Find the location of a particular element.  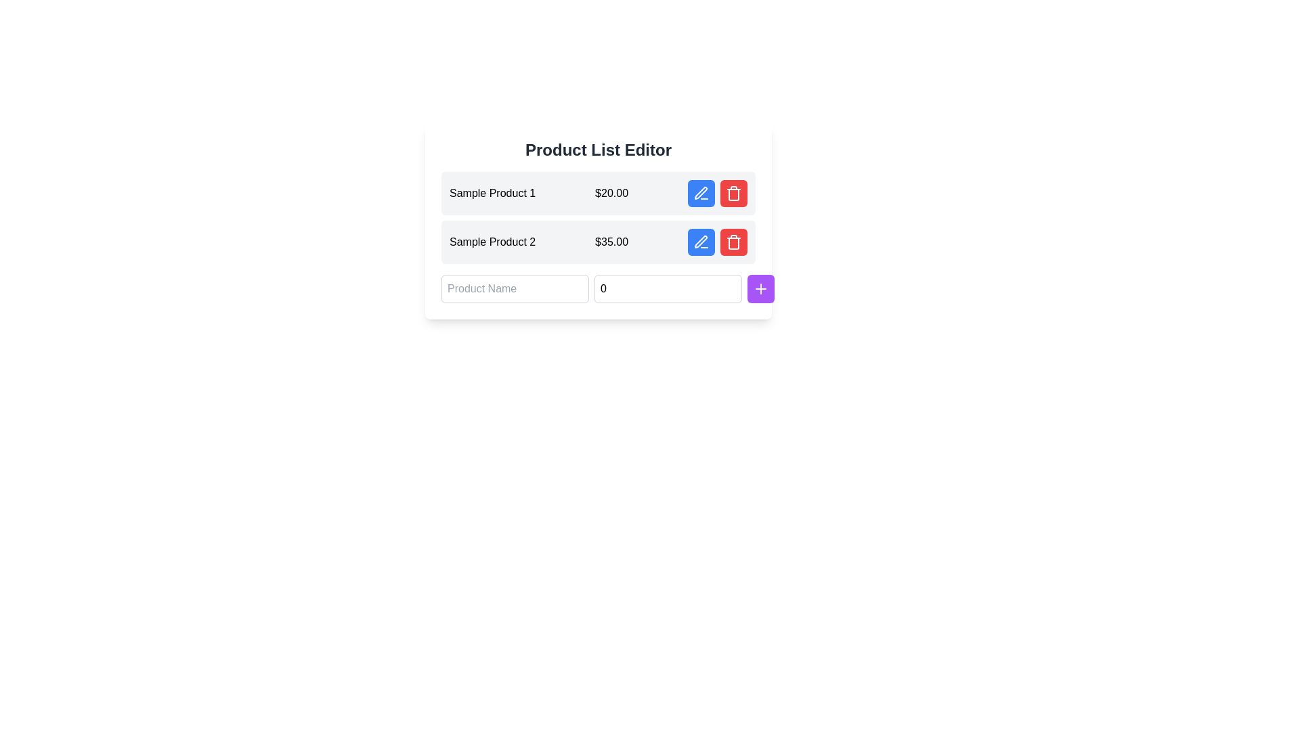

the edit button located in the controls section of the second product row in the Product List Editor, positioned to the left of the red delete button is located at coordinates (701, 242).